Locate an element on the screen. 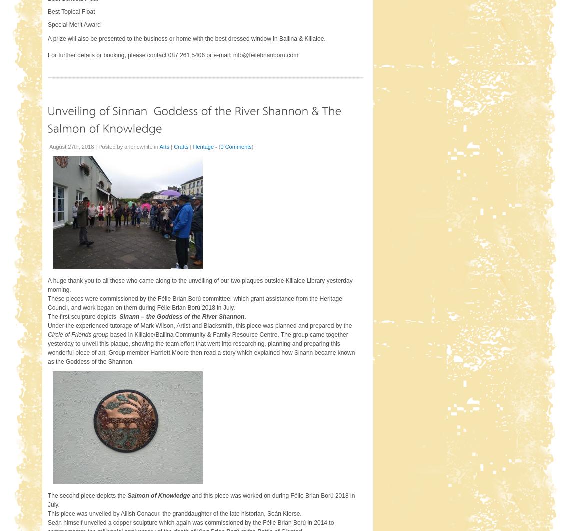 The image size is (570, 531). 'Crafts' is located at coordinates (180, 146).